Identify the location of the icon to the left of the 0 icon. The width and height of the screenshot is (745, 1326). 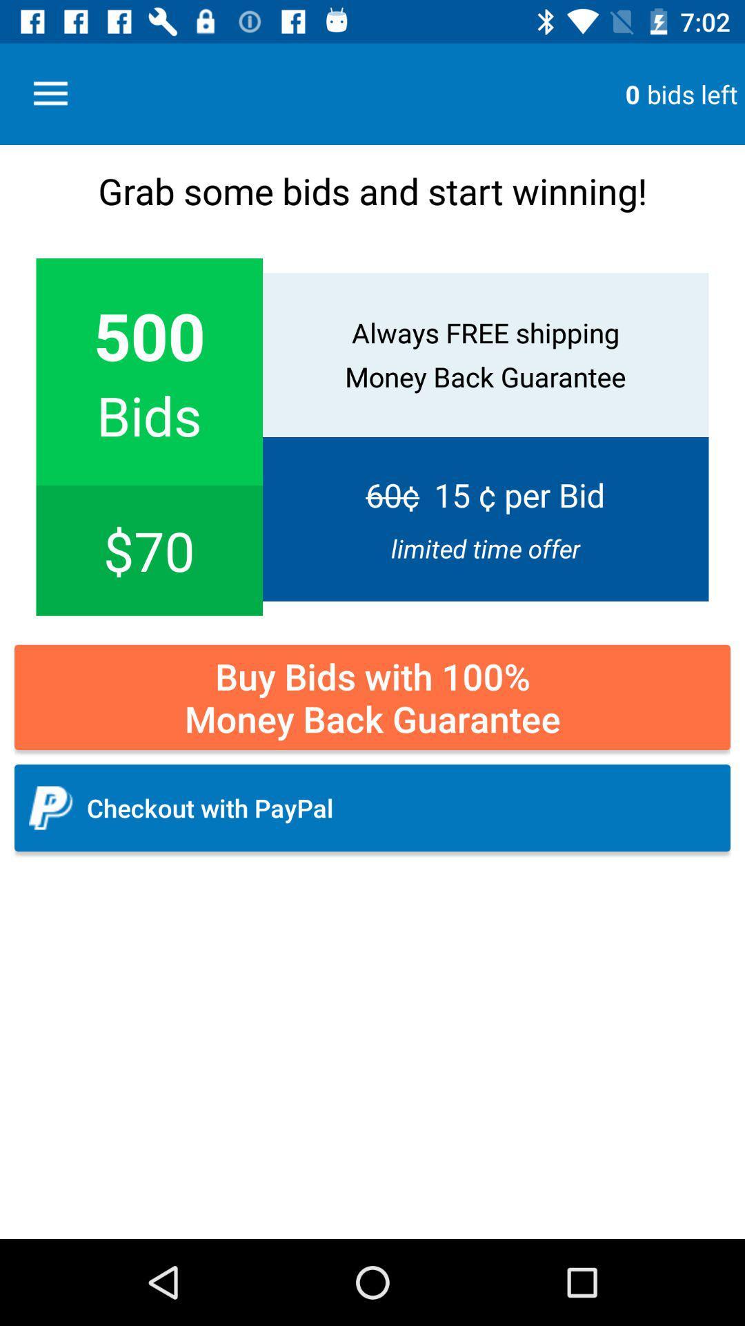
(50, 93).